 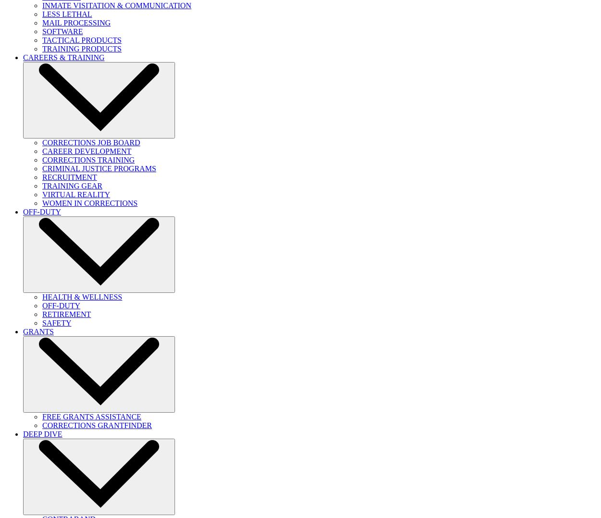 What do you see at coordinates (99, 168) in the screenshot?
I see `'CRIMINAL JUSTICE PROGRAMS'` at bounding box center [99, 168].